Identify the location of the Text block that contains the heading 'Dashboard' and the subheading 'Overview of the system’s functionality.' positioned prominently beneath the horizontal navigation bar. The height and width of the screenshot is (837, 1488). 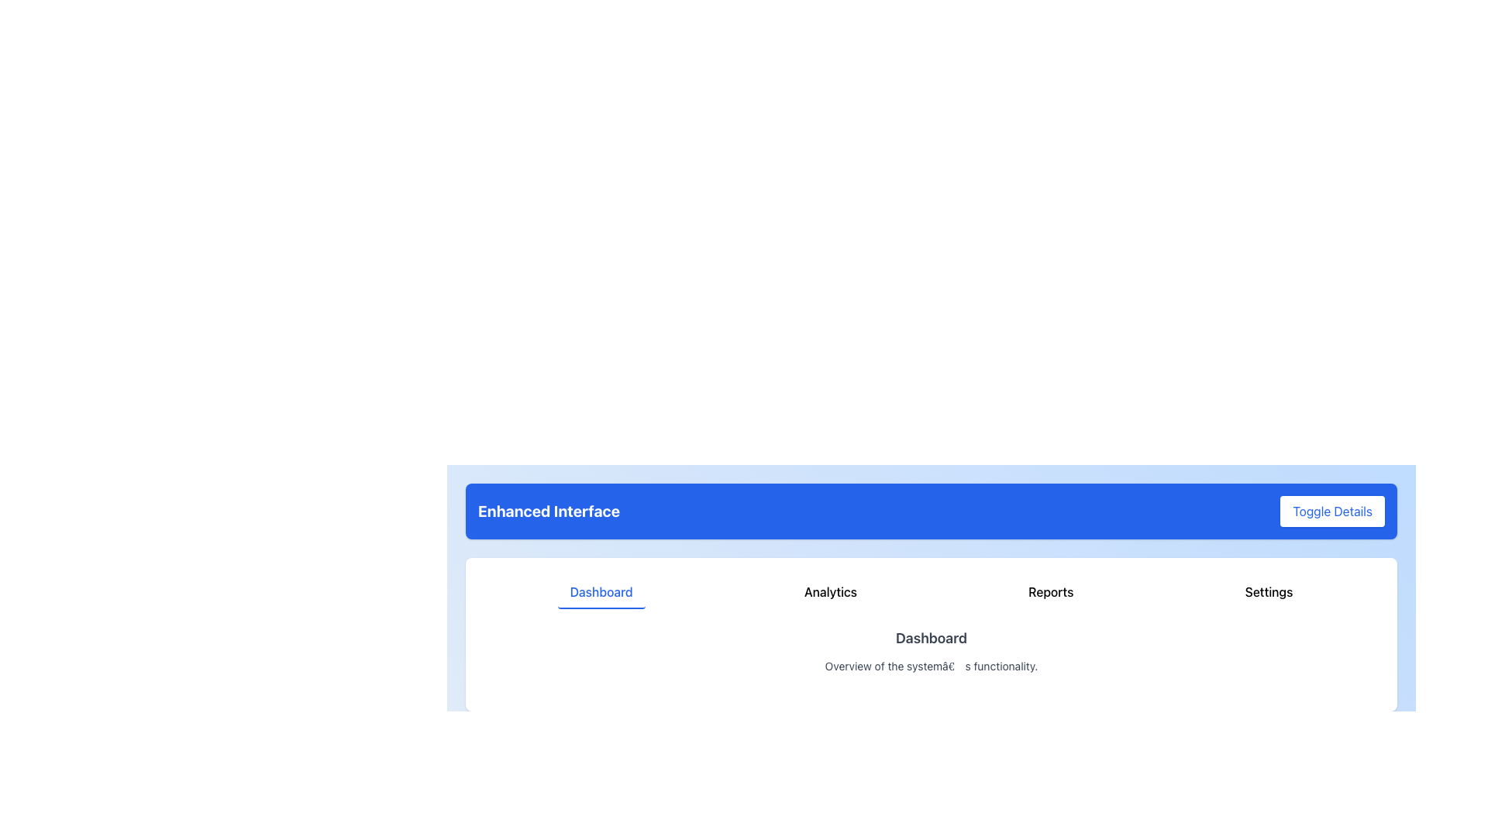
(930, 651).